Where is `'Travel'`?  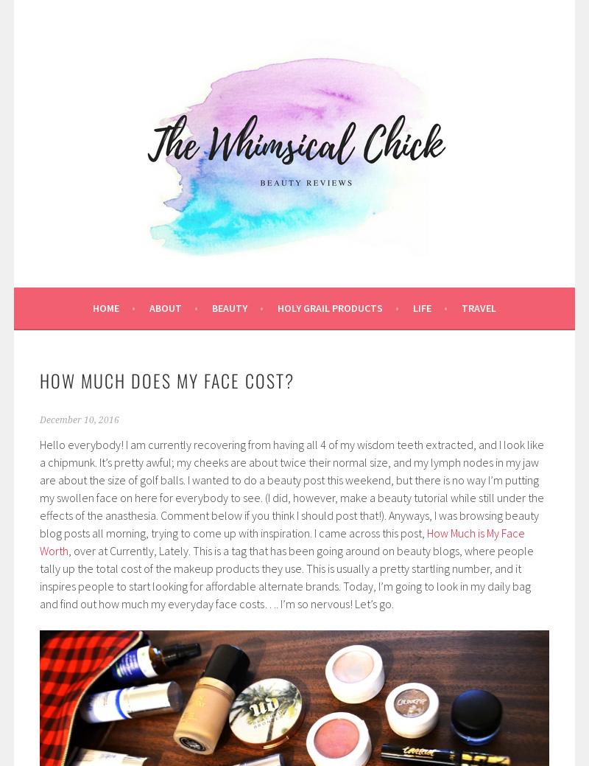
'Travel' is located at coordinates (478, 307).